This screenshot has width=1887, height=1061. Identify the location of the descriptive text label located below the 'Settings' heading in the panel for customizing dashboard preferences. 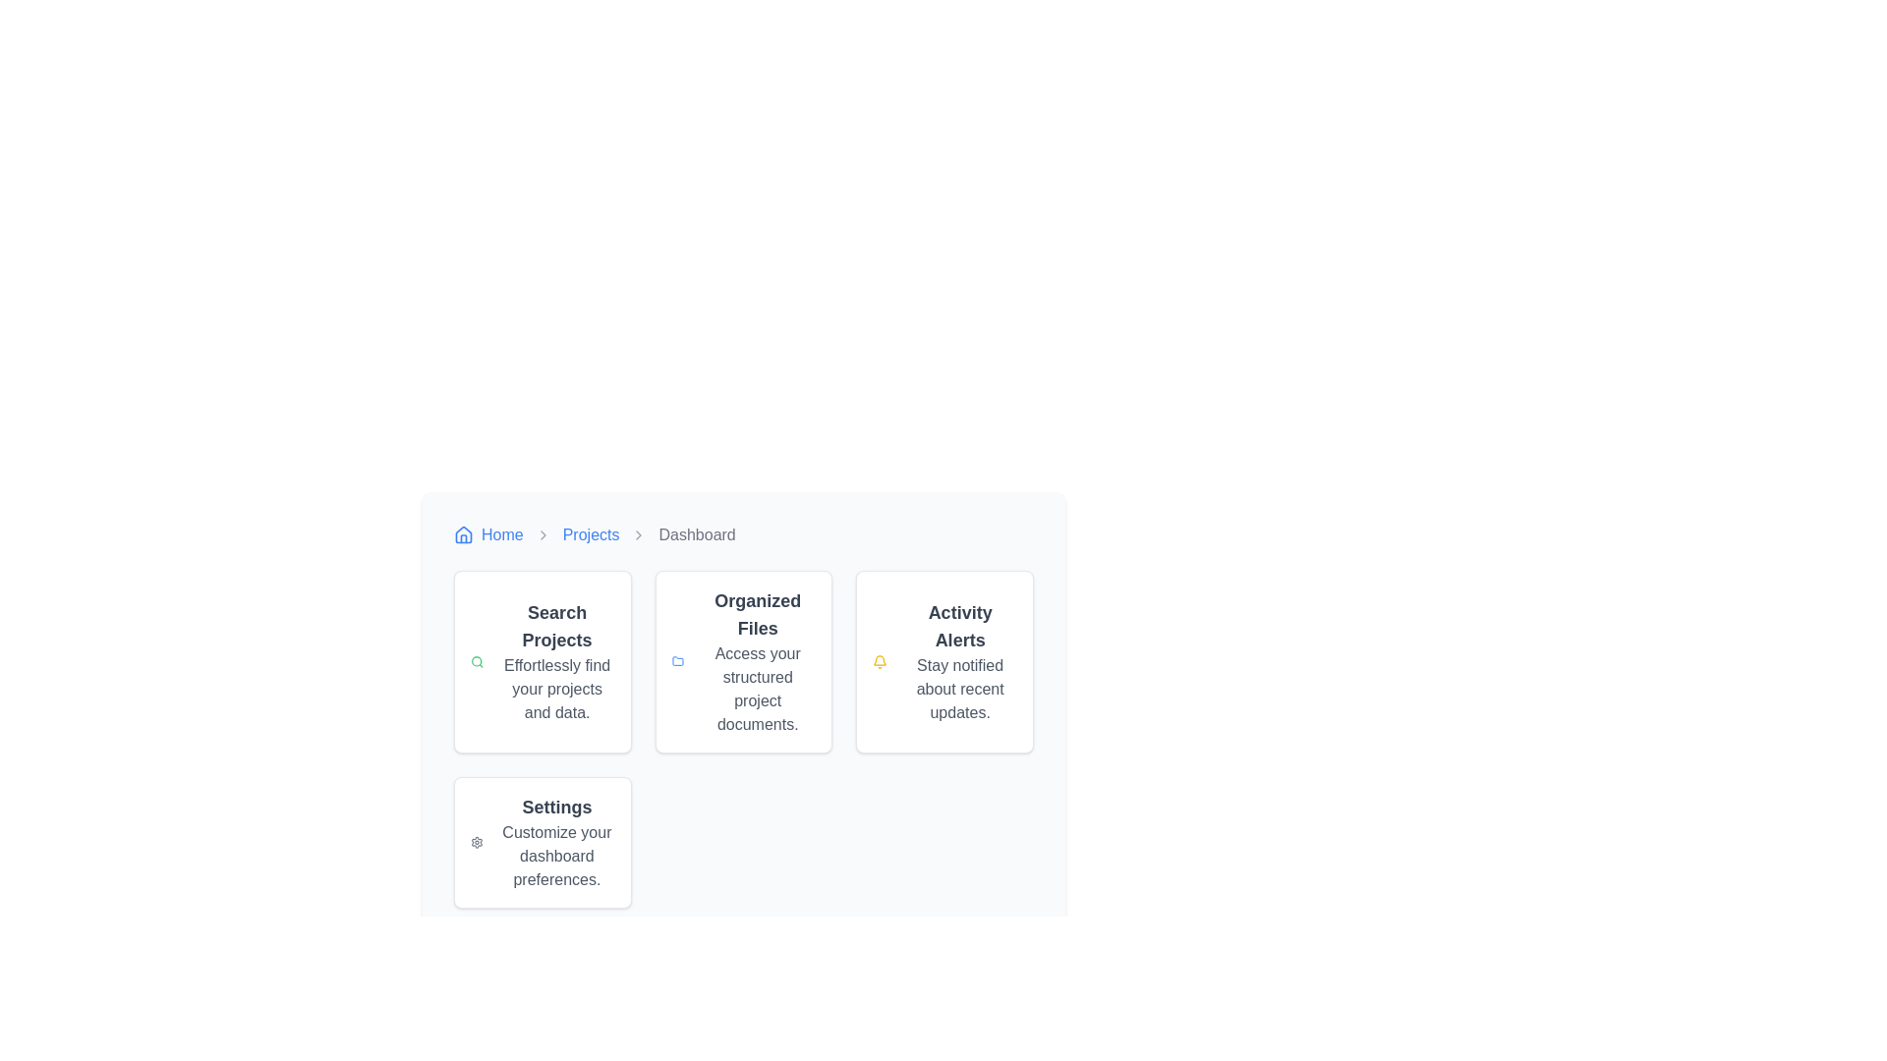
(555, 855).